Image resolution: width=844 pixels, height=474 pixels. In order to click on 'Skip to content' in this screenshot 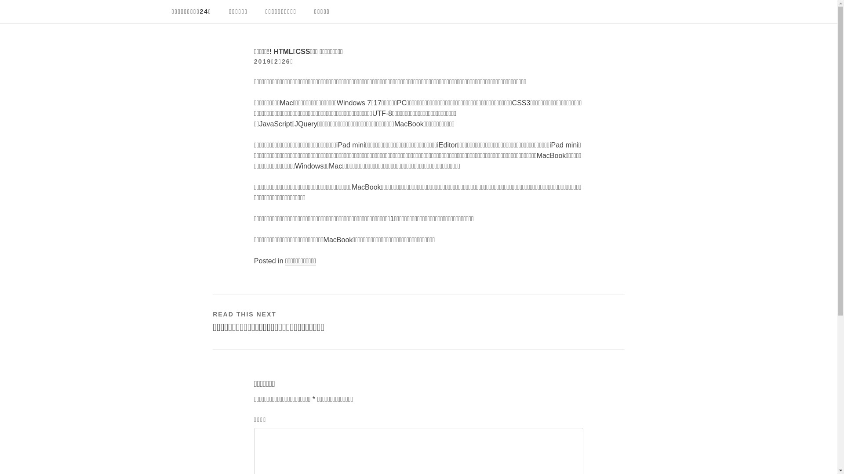, I will do `click(0, 0)`.